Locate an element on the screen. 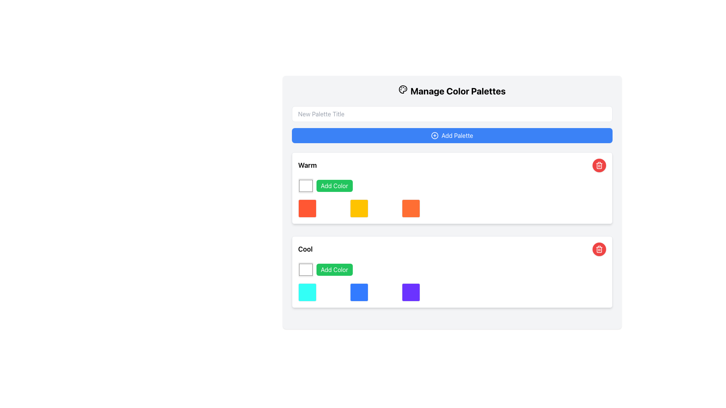  the Color Picker or Display Swatch in the 'Cool' palette section is located at coordinates (306, 269).